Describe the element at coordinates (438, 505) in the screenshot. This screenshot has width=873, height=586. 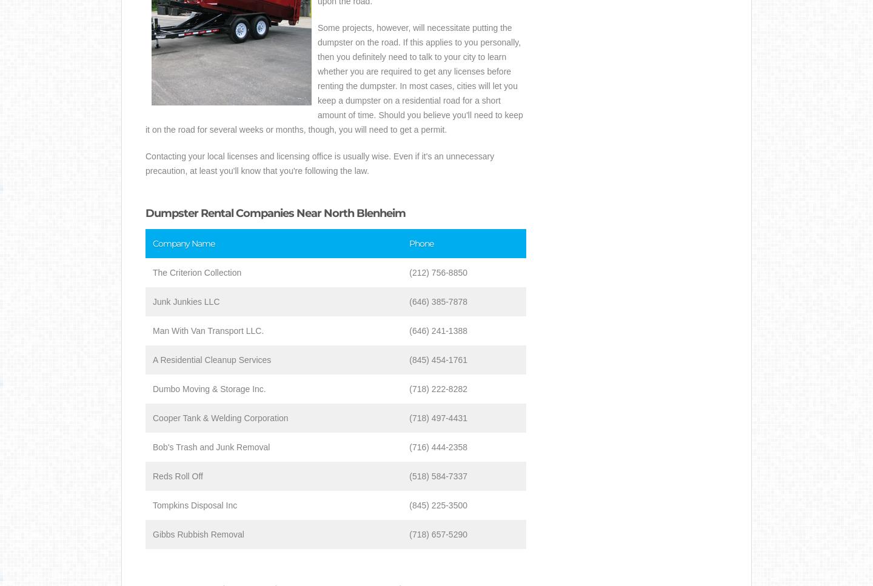
I see `'(845) 225-3500'` at that location.